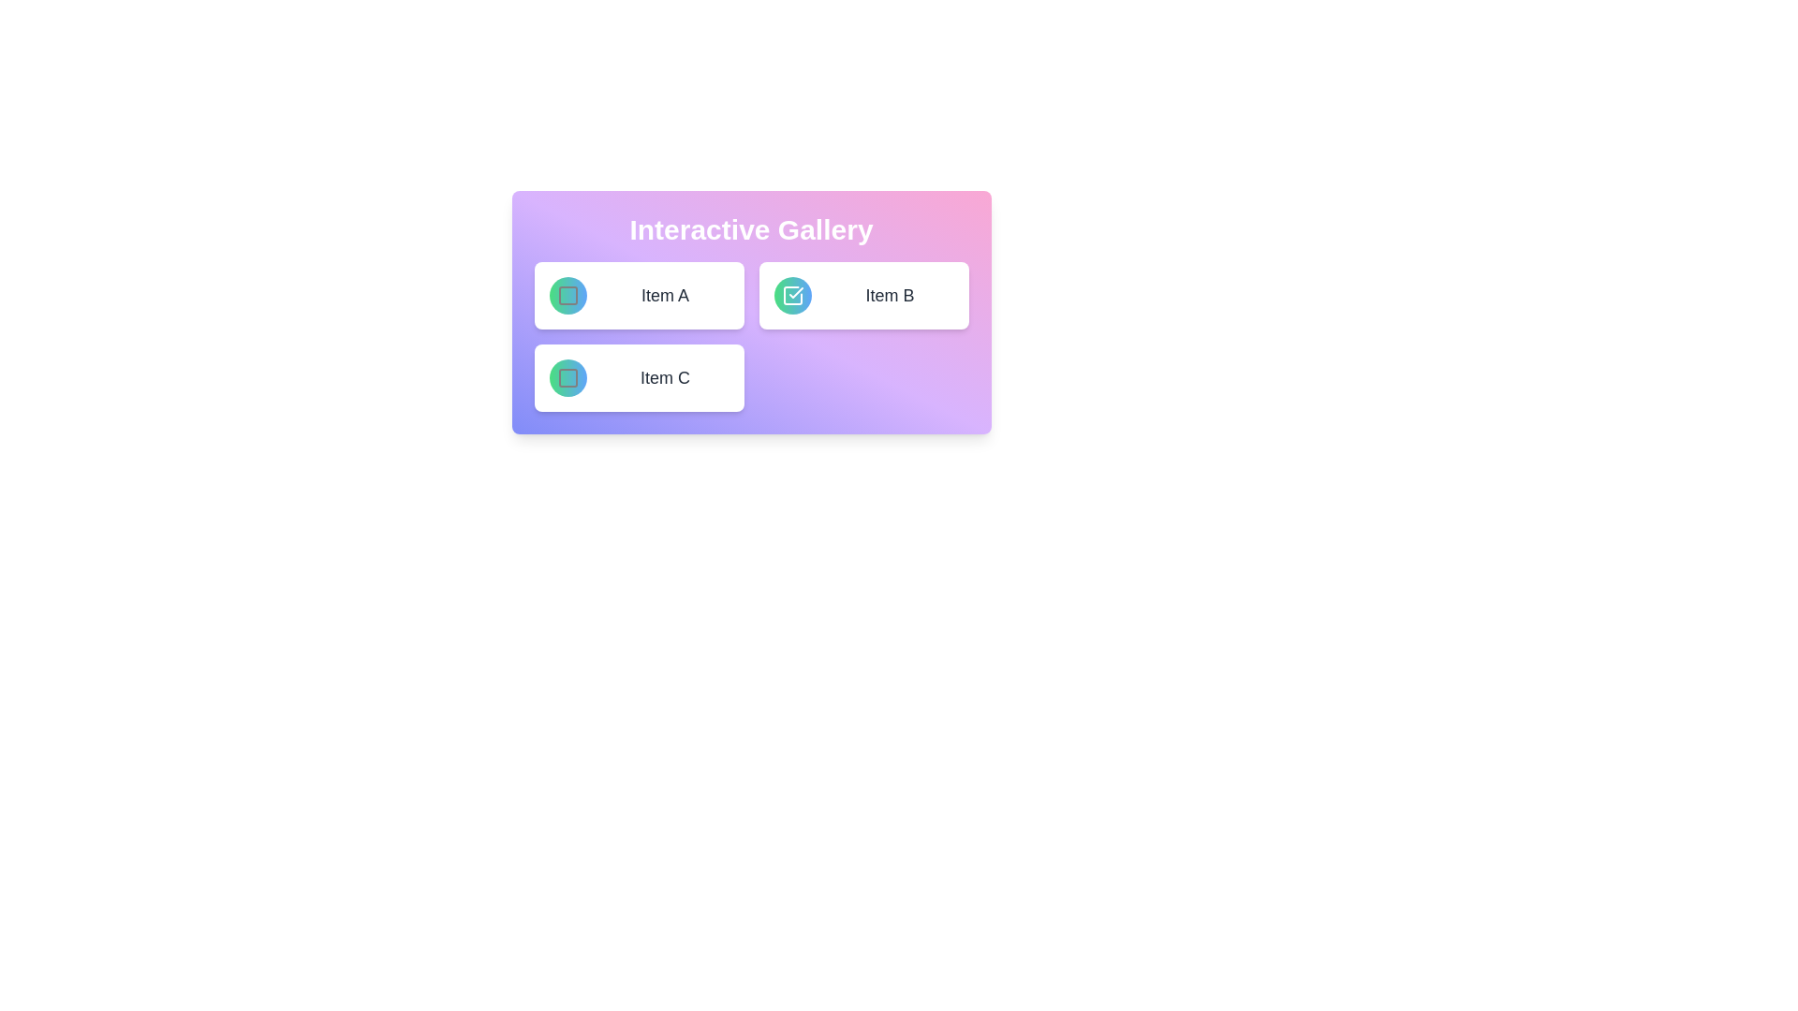  What do you see at coordinates (792, 295) in the screenshot?
I see `the confirmation SVG-based icon located within the circular button in the top-right corner of the card labeled 'Item B'` at bounding box center [792, 295].